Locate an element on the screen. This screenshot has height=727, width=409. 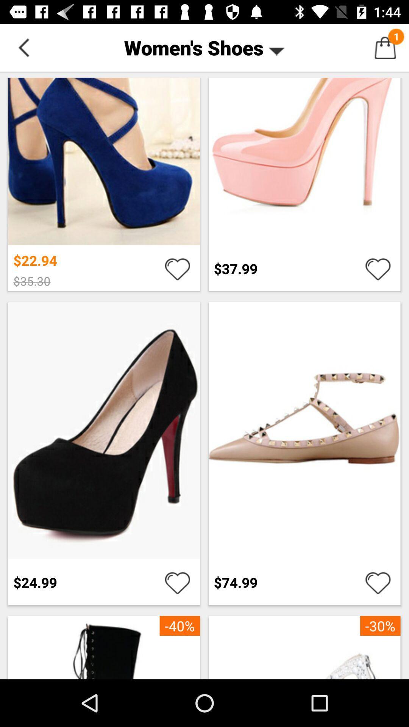
like button is located at coordinates (177, 582).